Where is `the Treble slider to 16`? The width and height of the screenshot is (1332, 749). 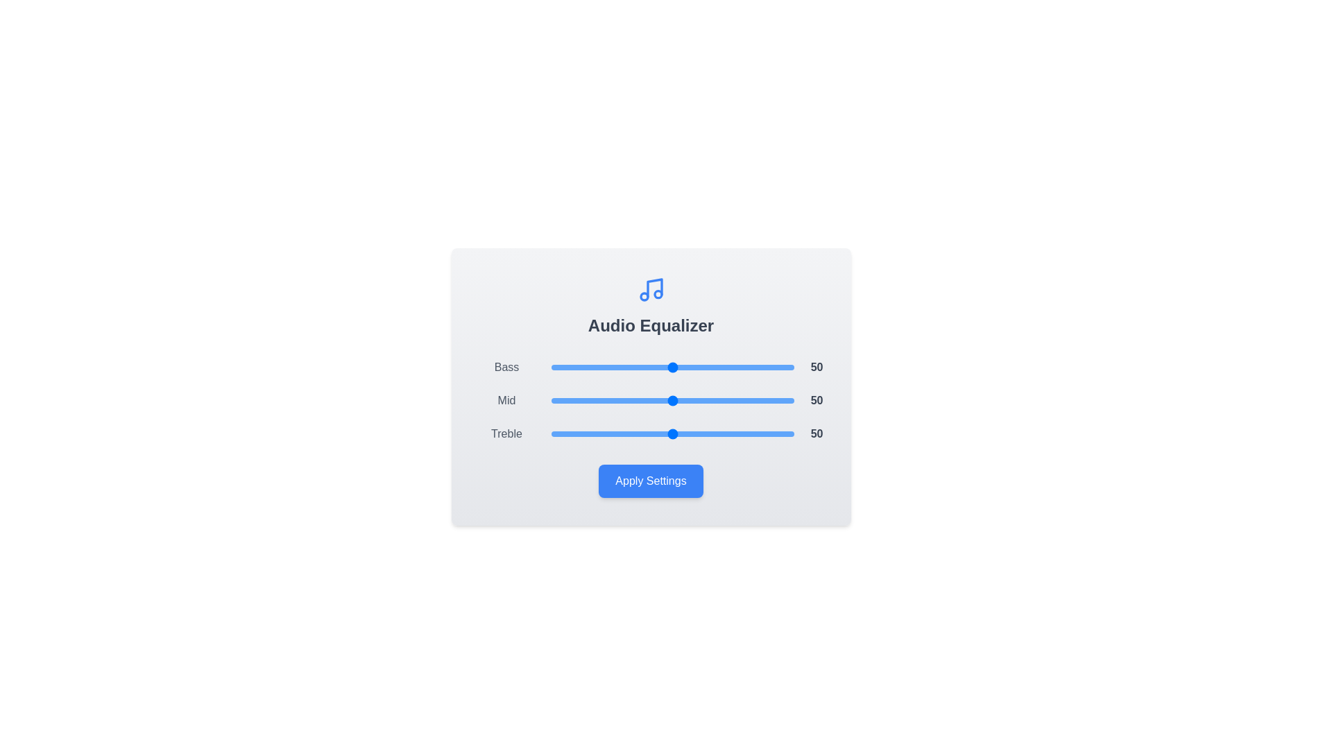 the Treble slider to 16 is located at coordinates (590, 433).